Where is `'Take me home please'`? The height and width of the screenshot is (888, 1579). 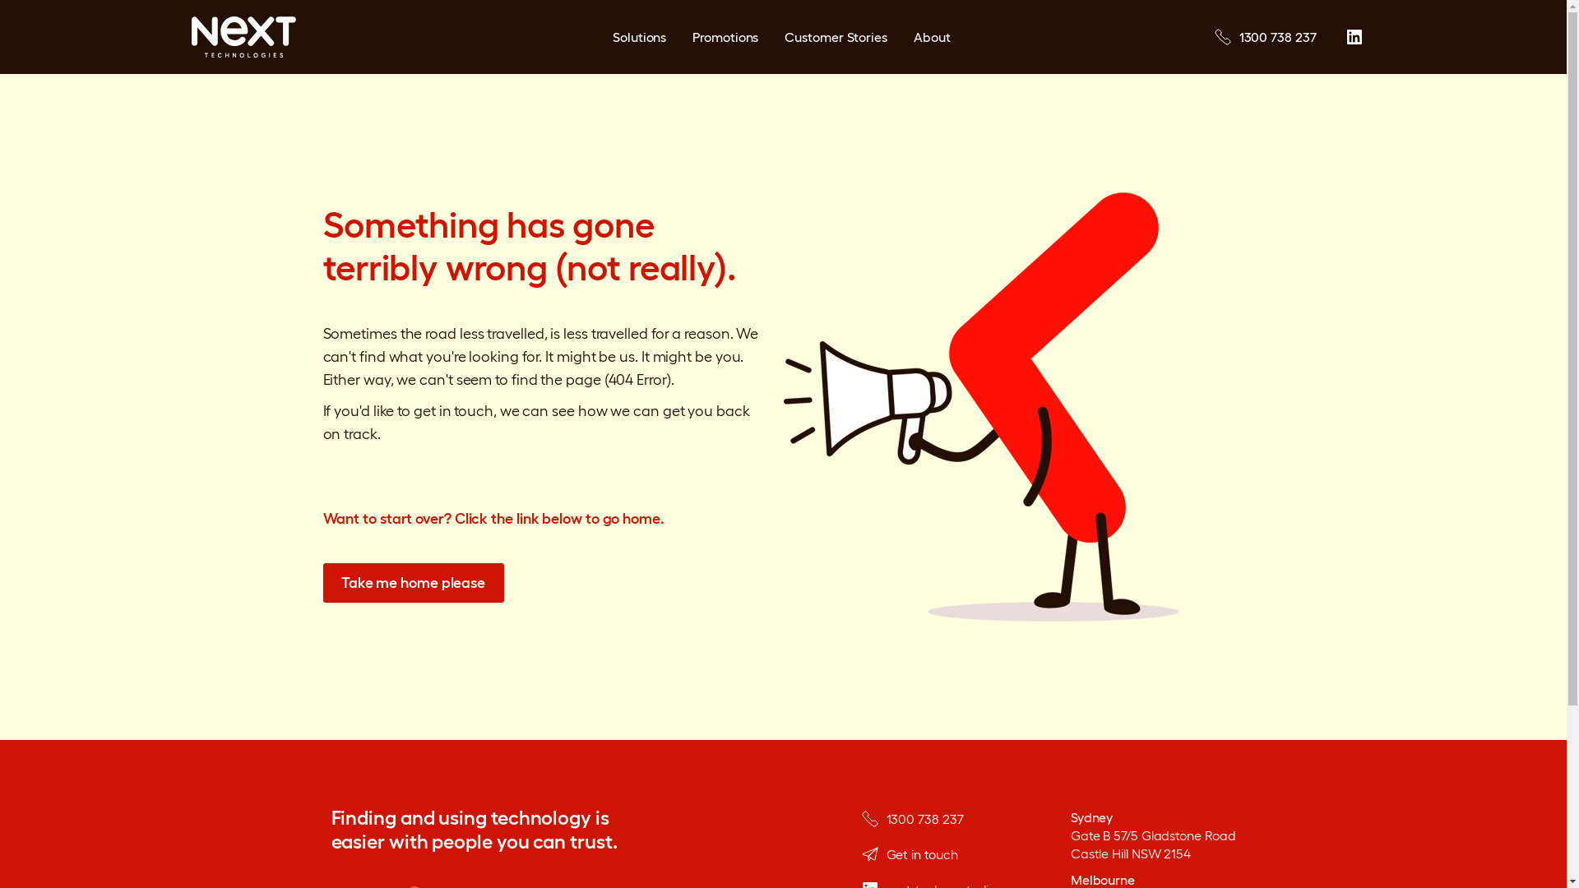 'Take me home please' is located at coordinates (413, 581).